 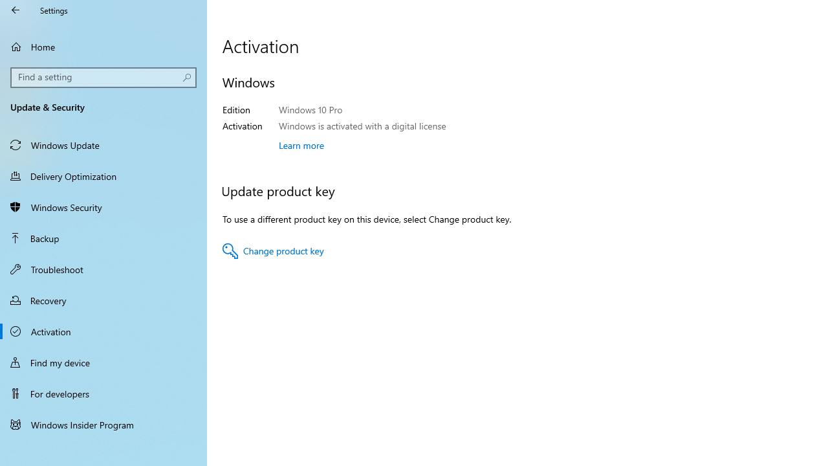 What do you see at coordinates (103, 268) in the screenshot?
I see `'Troubleshoot'` at bounding box center [103, 268].